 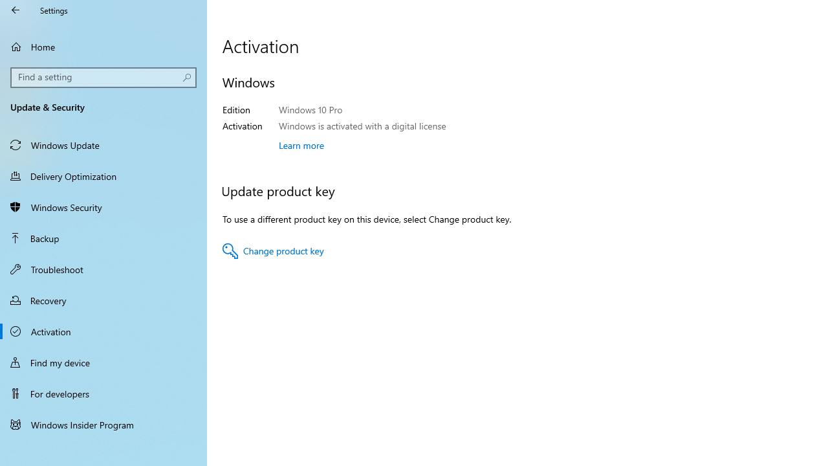 What do you see at coordinates (103, 268) in the screenshot?
I see `'Troubleshoot'` at bounding box center [103, 268].